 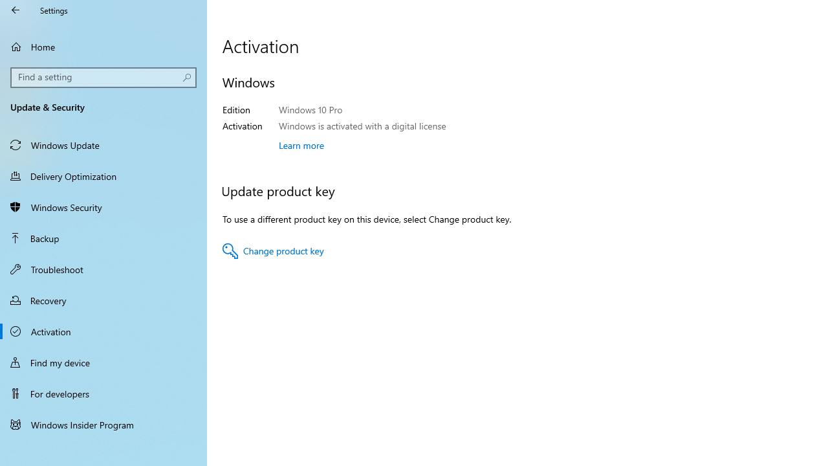 What do you see at coordinates (103, 268) in the screenshot?
I see `'Troubleshoot'` at bounding box center [103, 268].